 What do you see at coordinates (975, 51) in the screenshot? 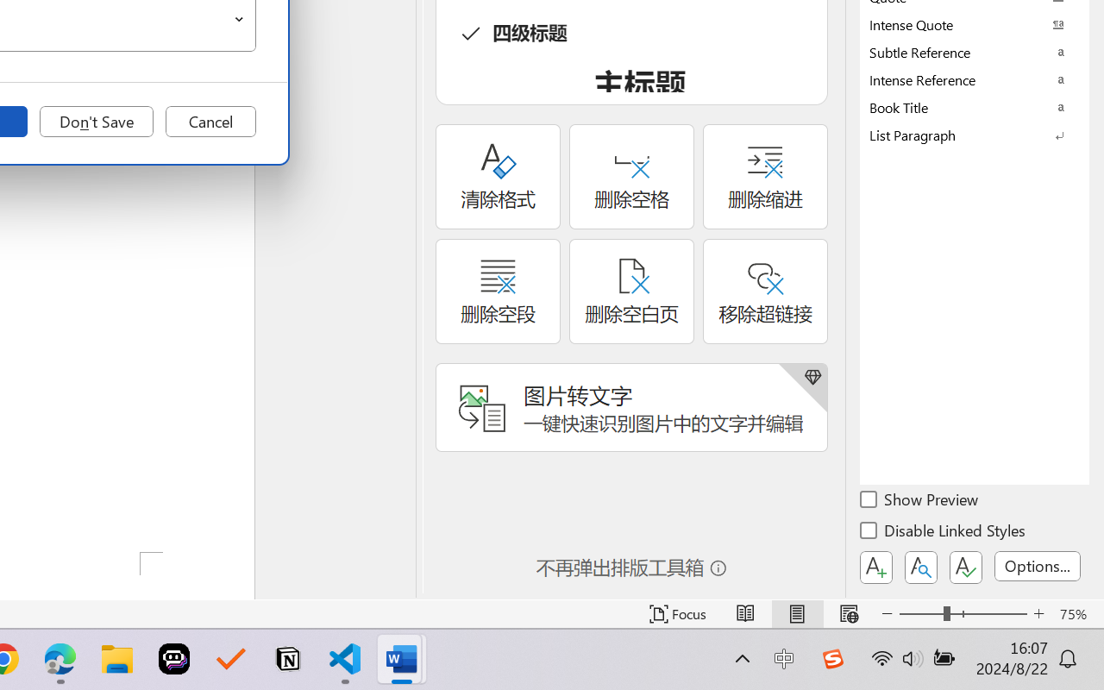
I see `'Subtle Reference'` at bounding box center [975, 51].